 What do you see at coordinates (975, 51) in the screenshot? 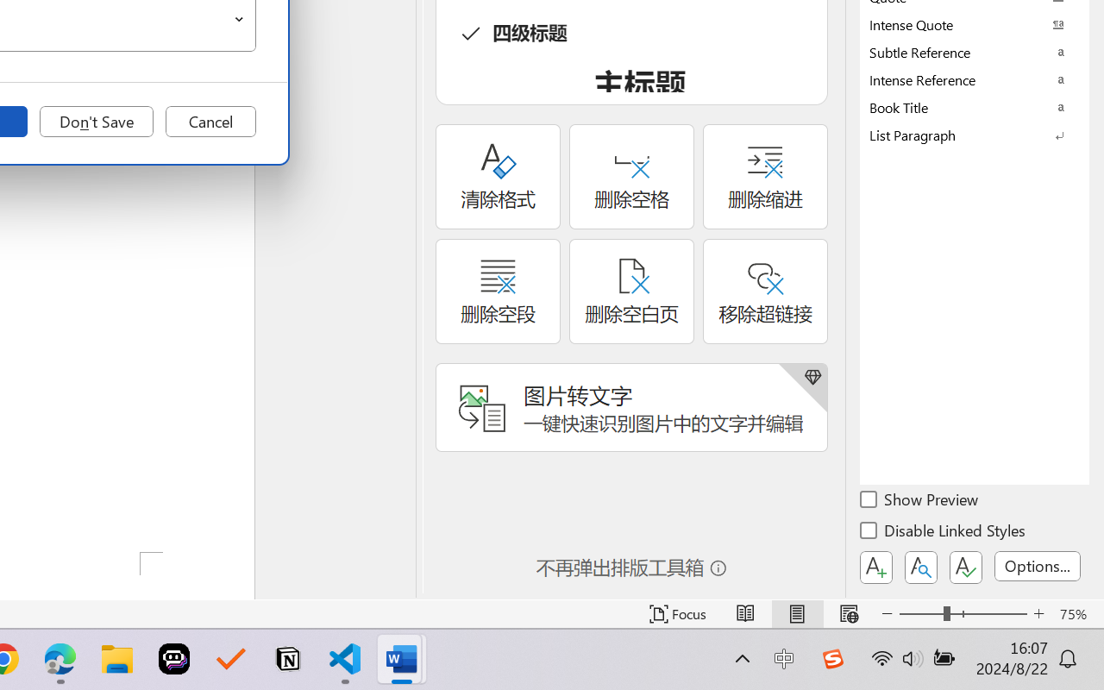
I see `'Subtle Reference'` at bounding box center [975, 51].